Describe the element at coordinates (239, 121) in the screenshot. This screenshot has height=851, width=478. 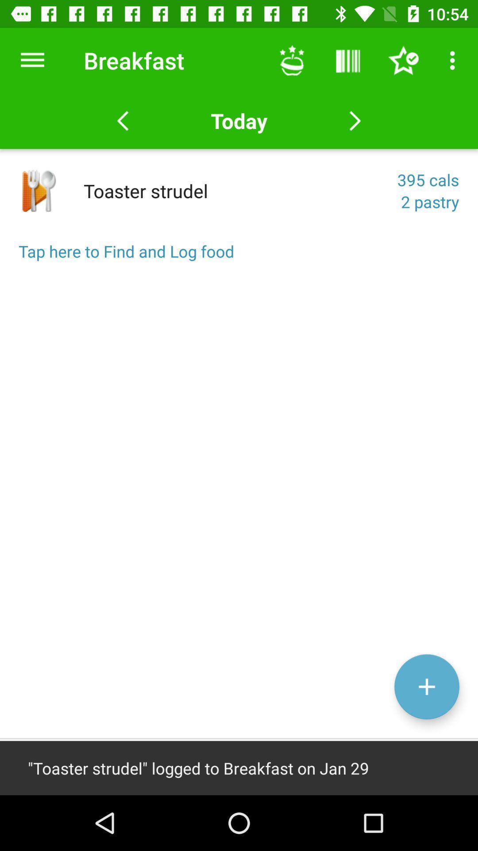
I see `the option today on the web page` at that location.